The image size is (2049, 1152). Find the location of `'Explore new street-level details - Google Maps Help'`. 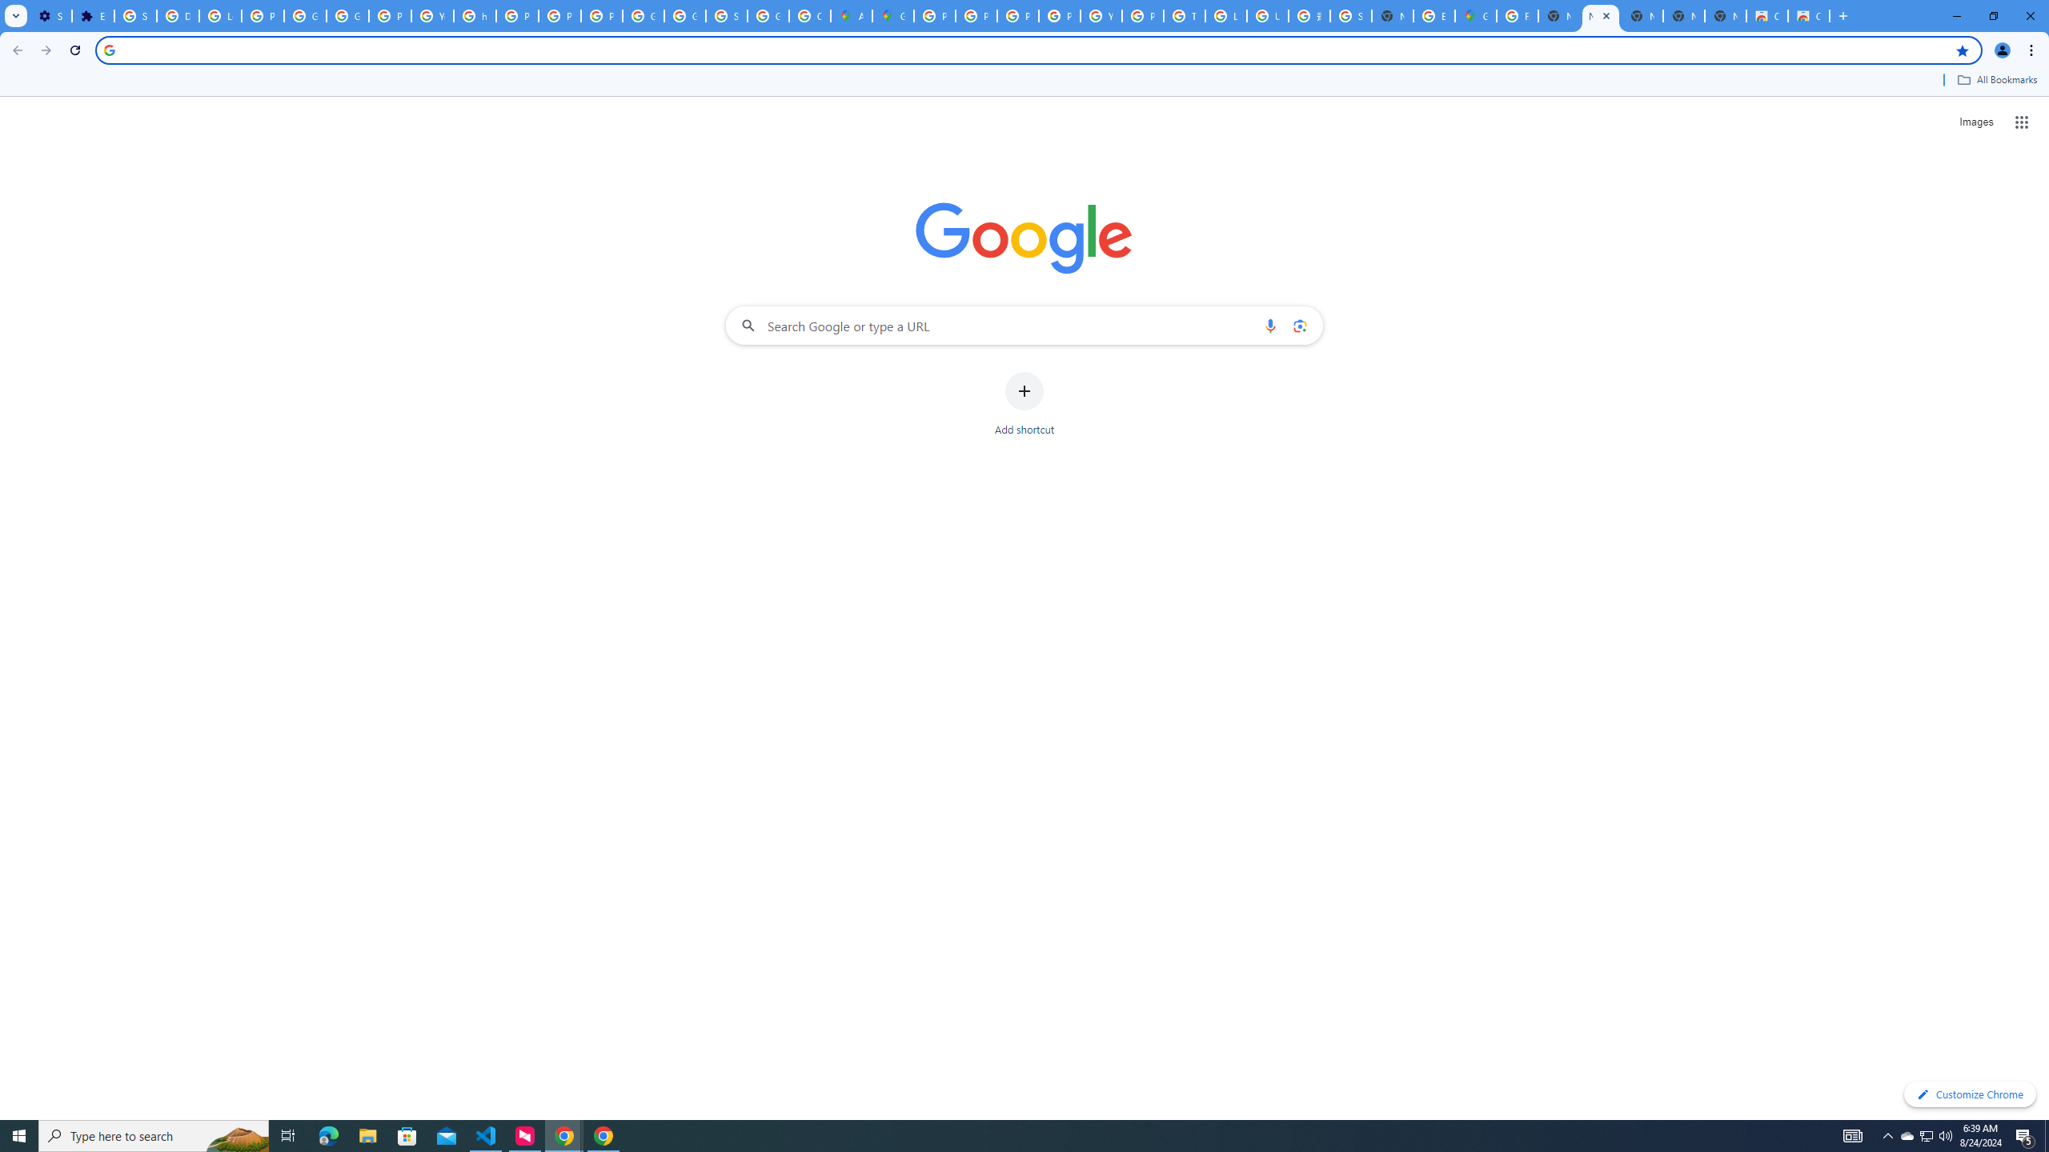

'Explore new street-level details - Google Maps Help' is located at coordinates (1433, 15).